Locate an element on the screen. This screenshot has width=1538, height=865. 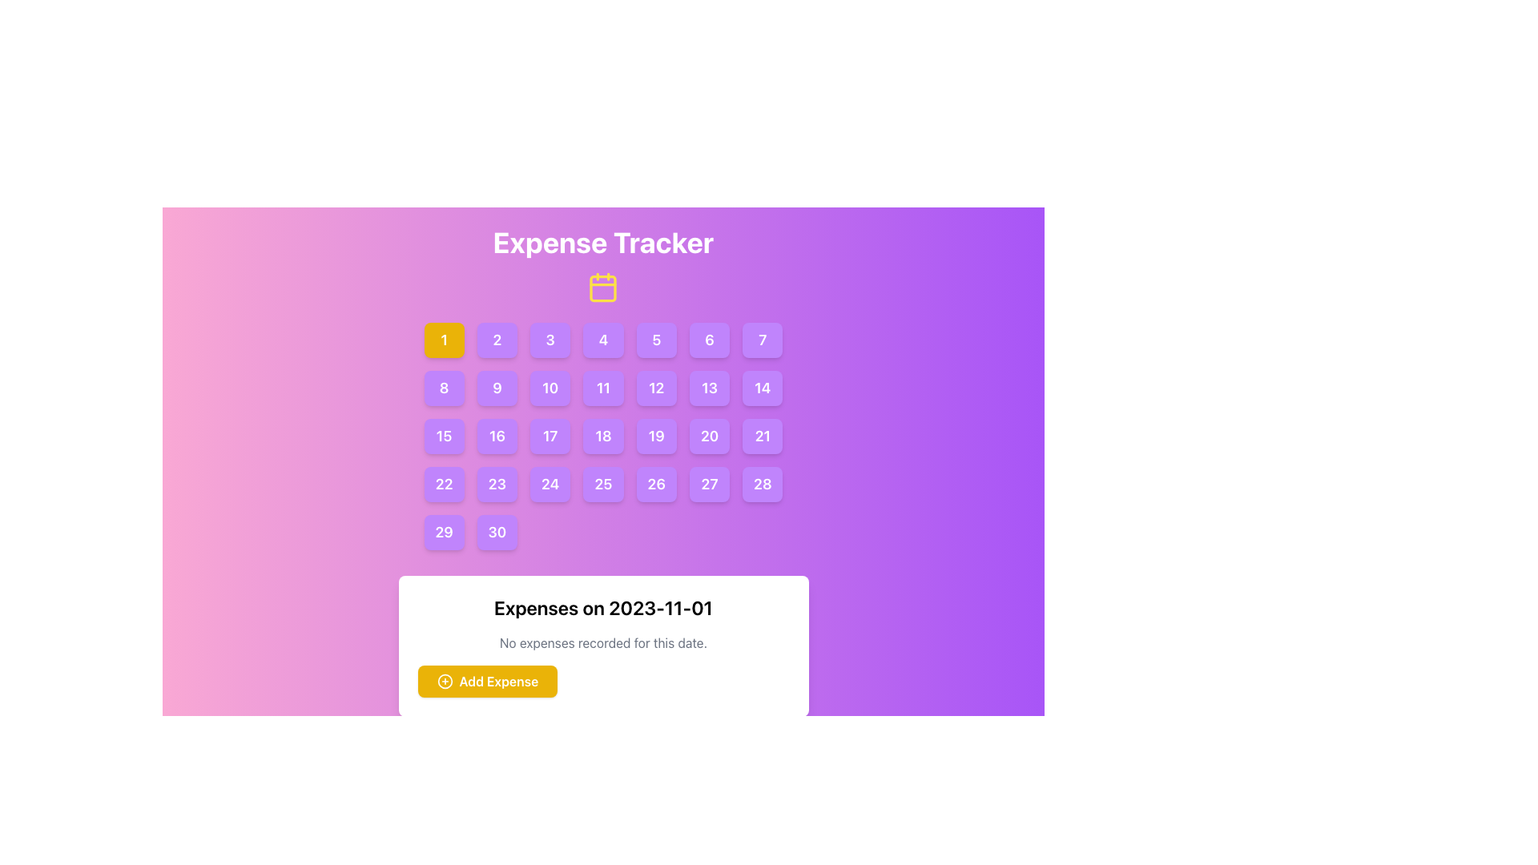
the purple button with the number '30' is located at coordinates (496, 532).